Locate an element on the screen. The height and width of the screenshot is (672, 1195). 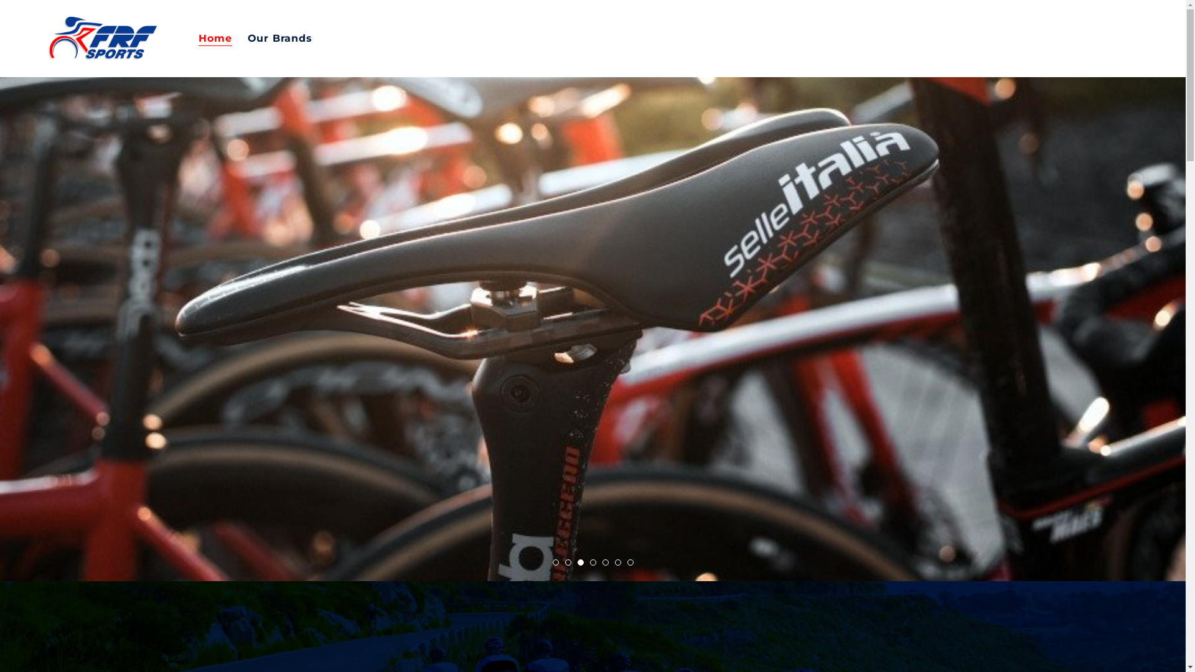
'Our Brands' is located at coordinates (279, 37).